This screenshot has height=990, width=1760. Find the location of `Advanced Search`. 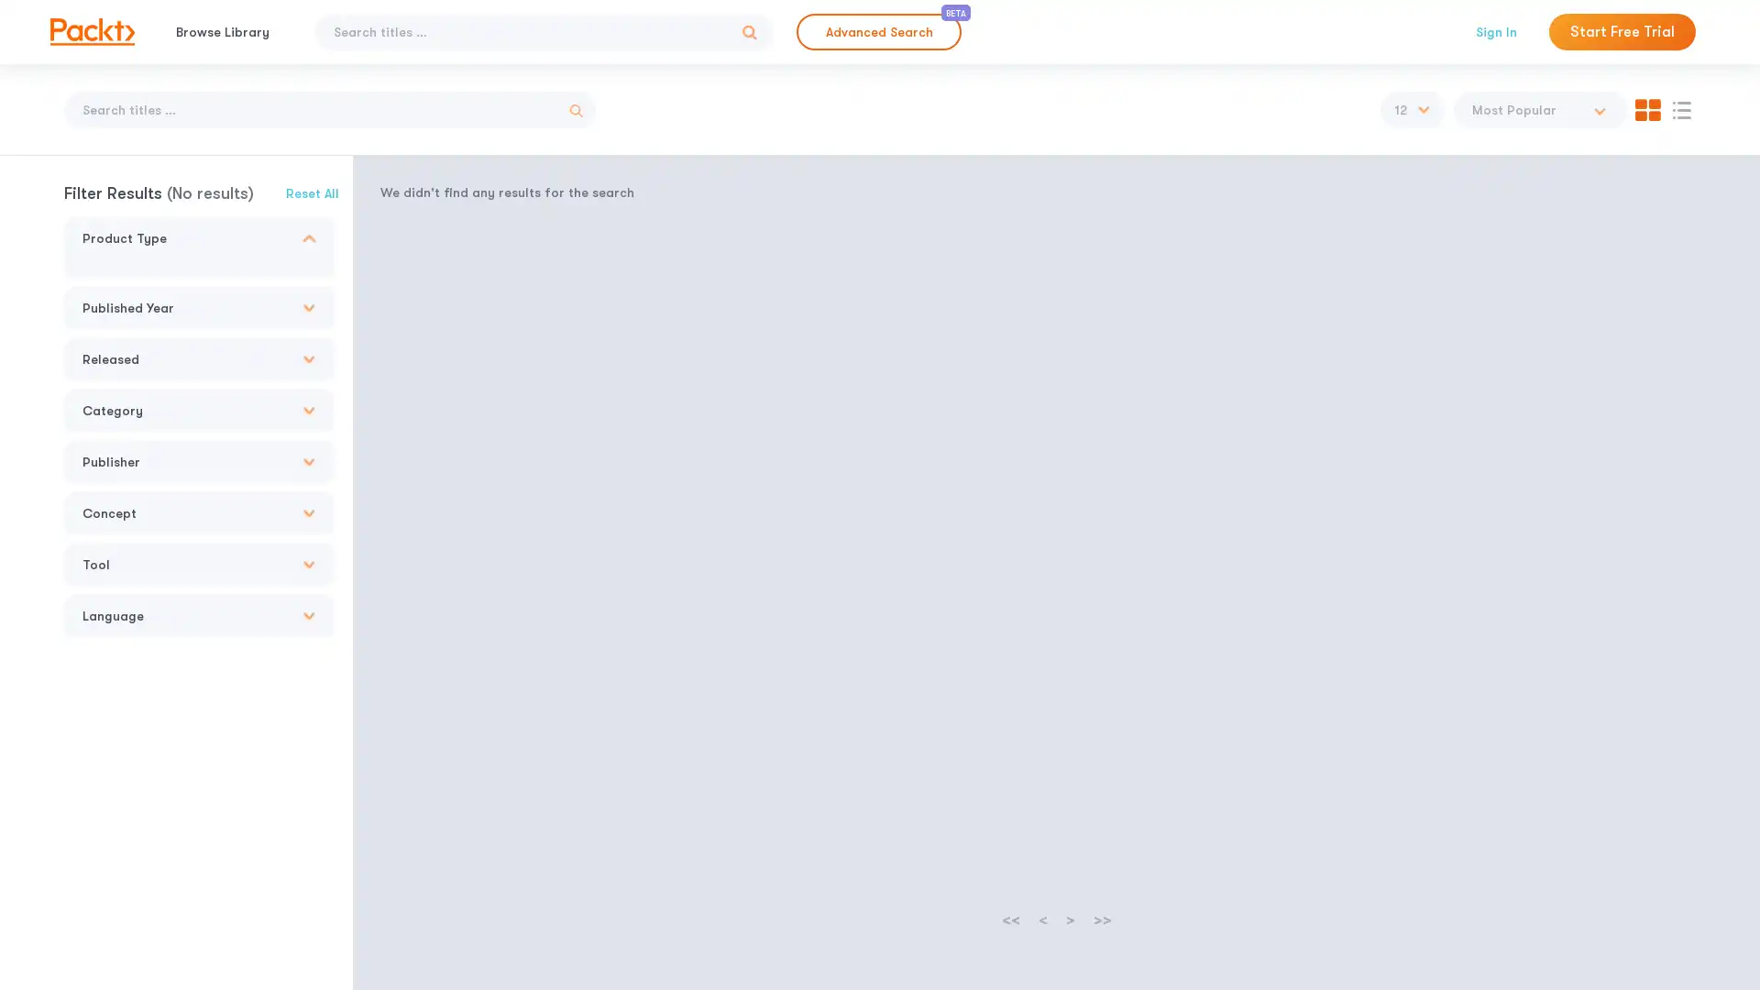

Advanced Search is located at coordinates (878, 31).